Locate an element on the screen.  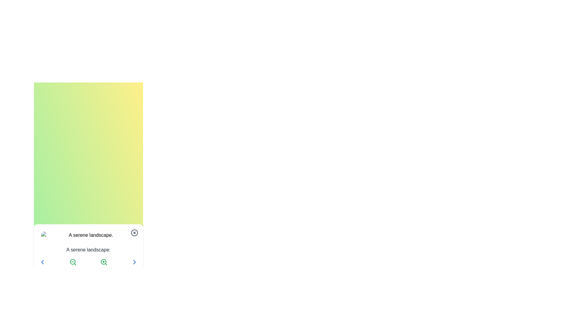
the middle zoom-in button located at the bottom-right of the interface is located at coordinates (104, 262).